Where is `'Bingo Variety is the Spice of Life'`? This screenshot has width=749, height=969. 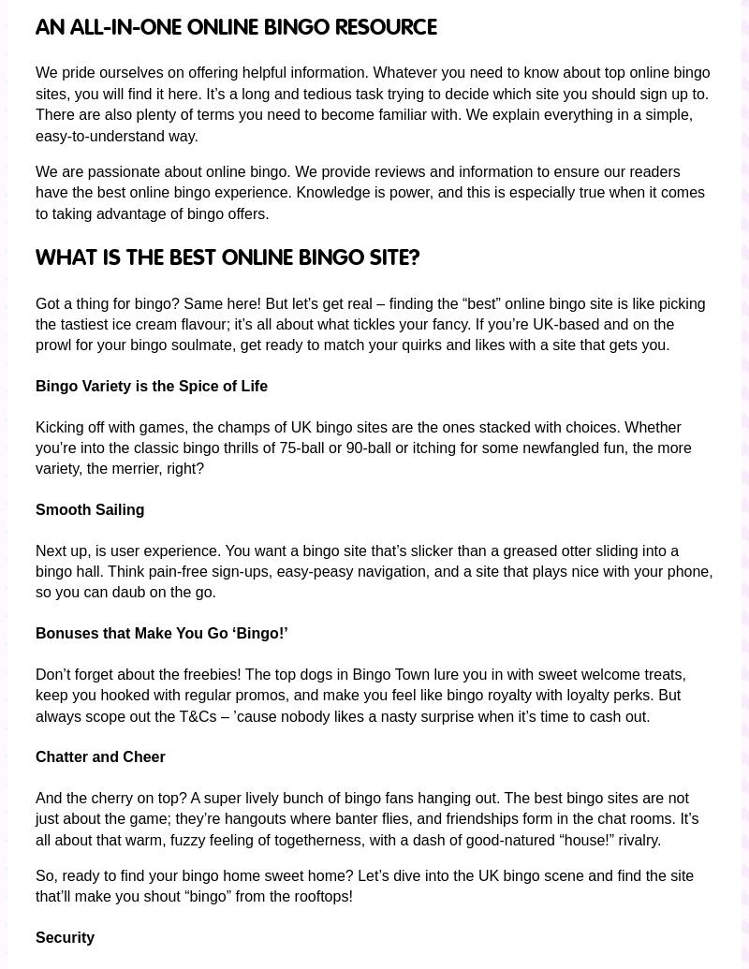 'Bingo Variety is the Spice of Life' is located at coordinates (35, 385).